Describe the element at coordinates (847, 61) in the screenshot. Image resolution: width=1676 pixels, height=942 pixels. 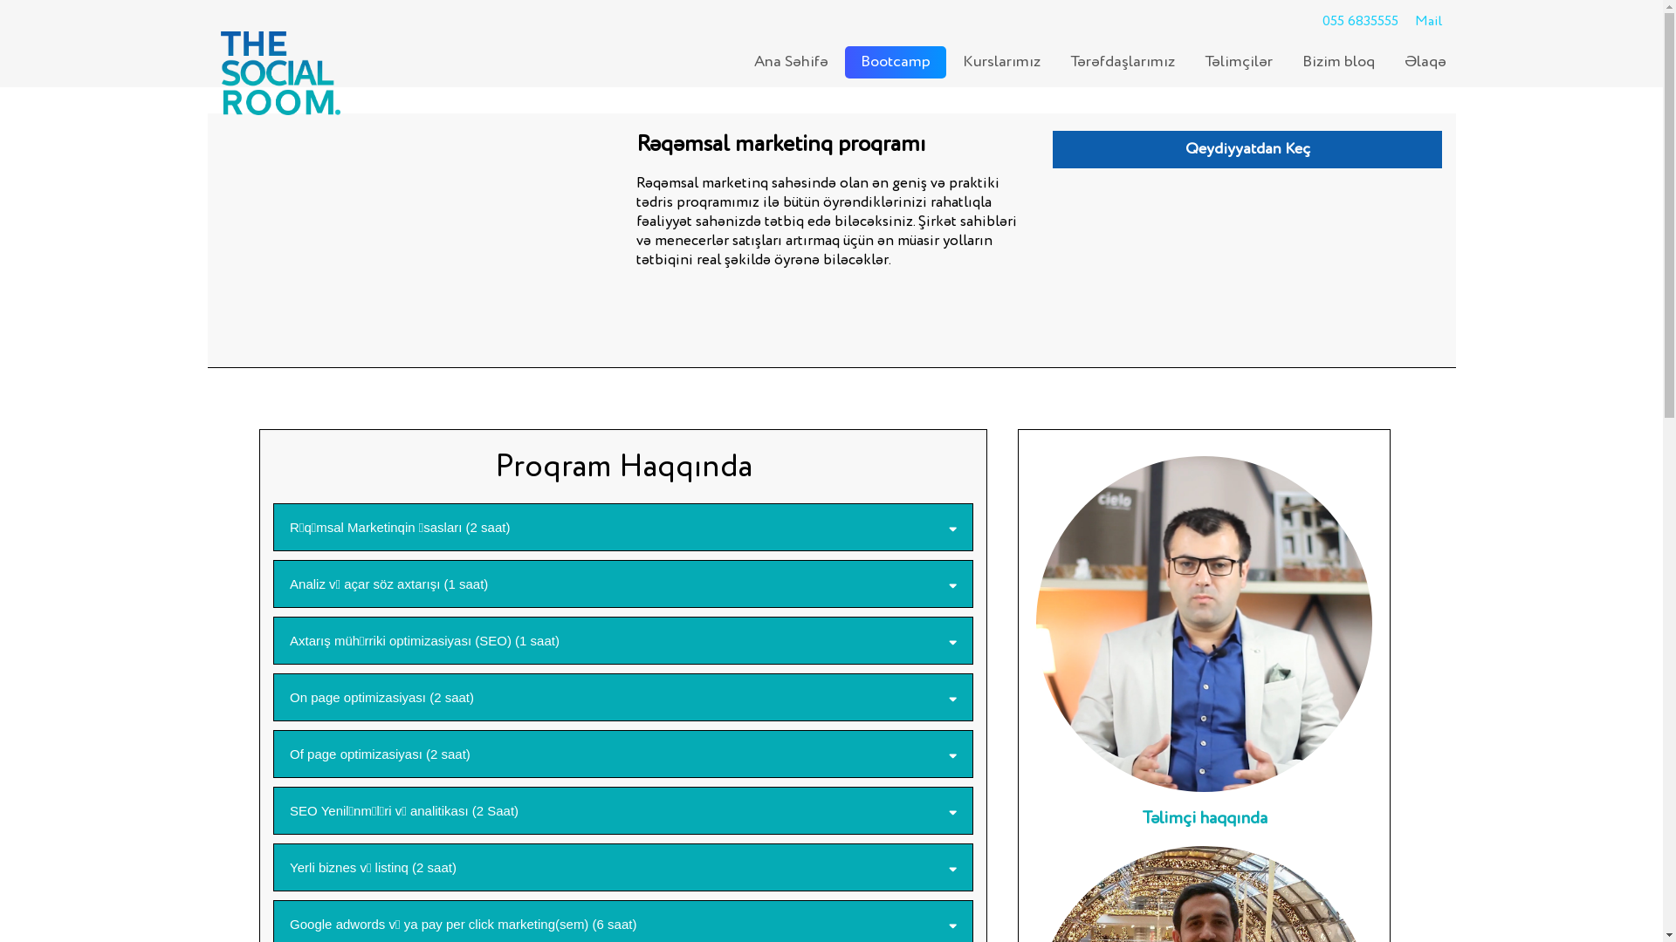
I see `'Bootcamp'` at that location.